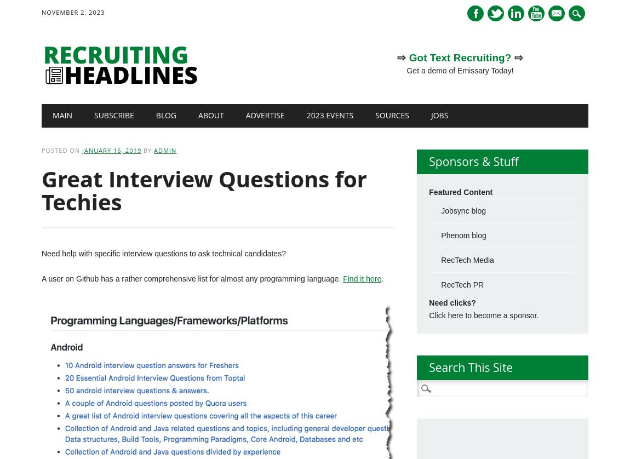 Image resolution: width=630 pixels, height=459 pixels. What do you see at coordinates (198, 115) in the screenshot?
I see `'About'` at bounding box center [198, 115].